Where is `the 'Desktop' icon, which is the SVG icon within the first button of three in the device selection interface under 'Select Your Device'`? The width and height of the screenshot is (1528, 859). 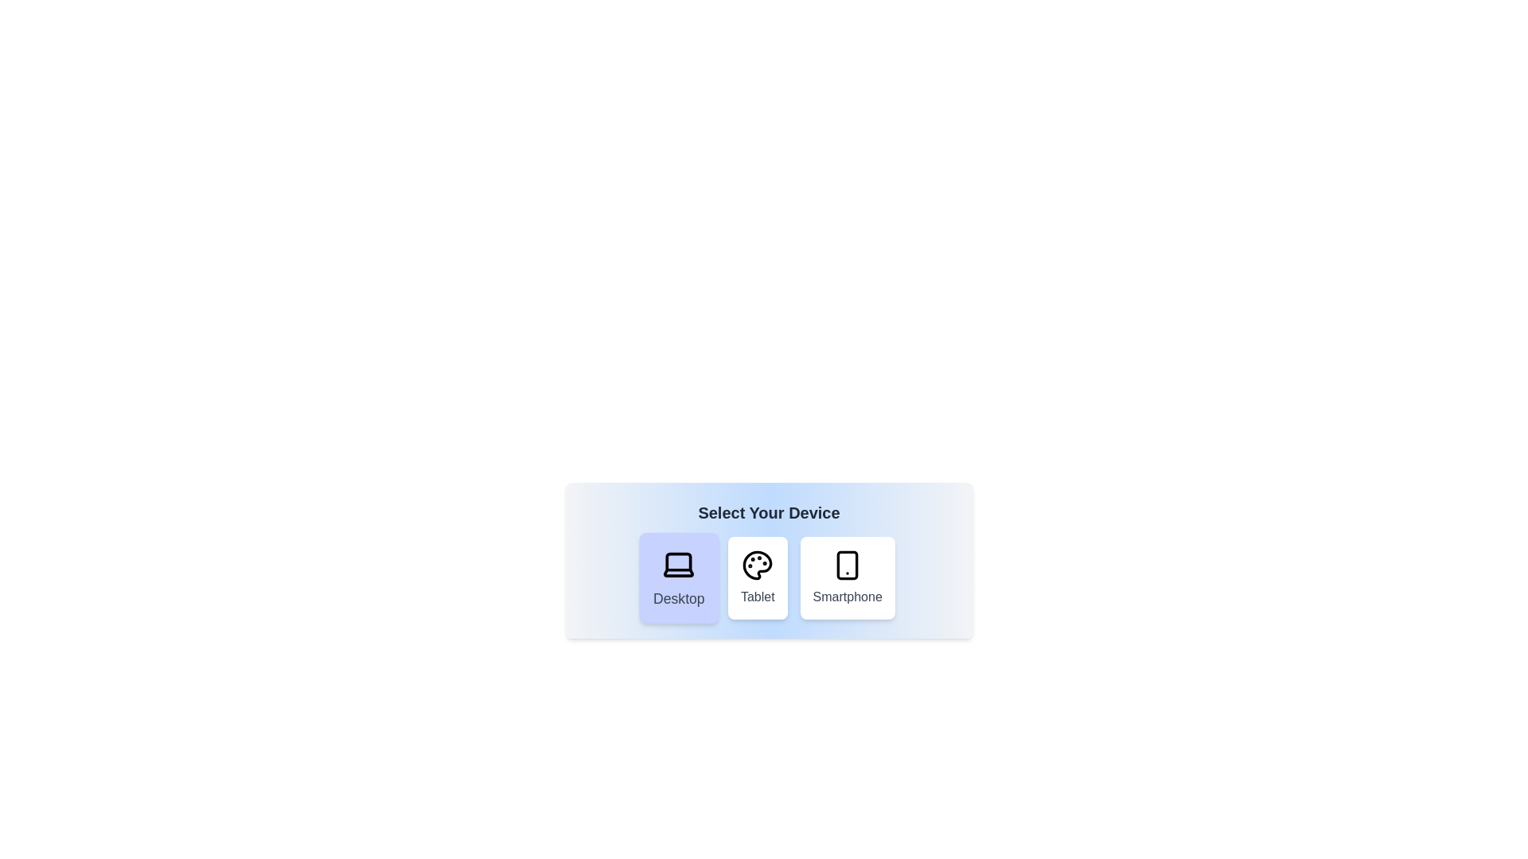
the 'Desktop' icon, which is the SVG icon within the first button of three in the device selection interface under 'Select Your Device' is located at coordinates (679, 564).